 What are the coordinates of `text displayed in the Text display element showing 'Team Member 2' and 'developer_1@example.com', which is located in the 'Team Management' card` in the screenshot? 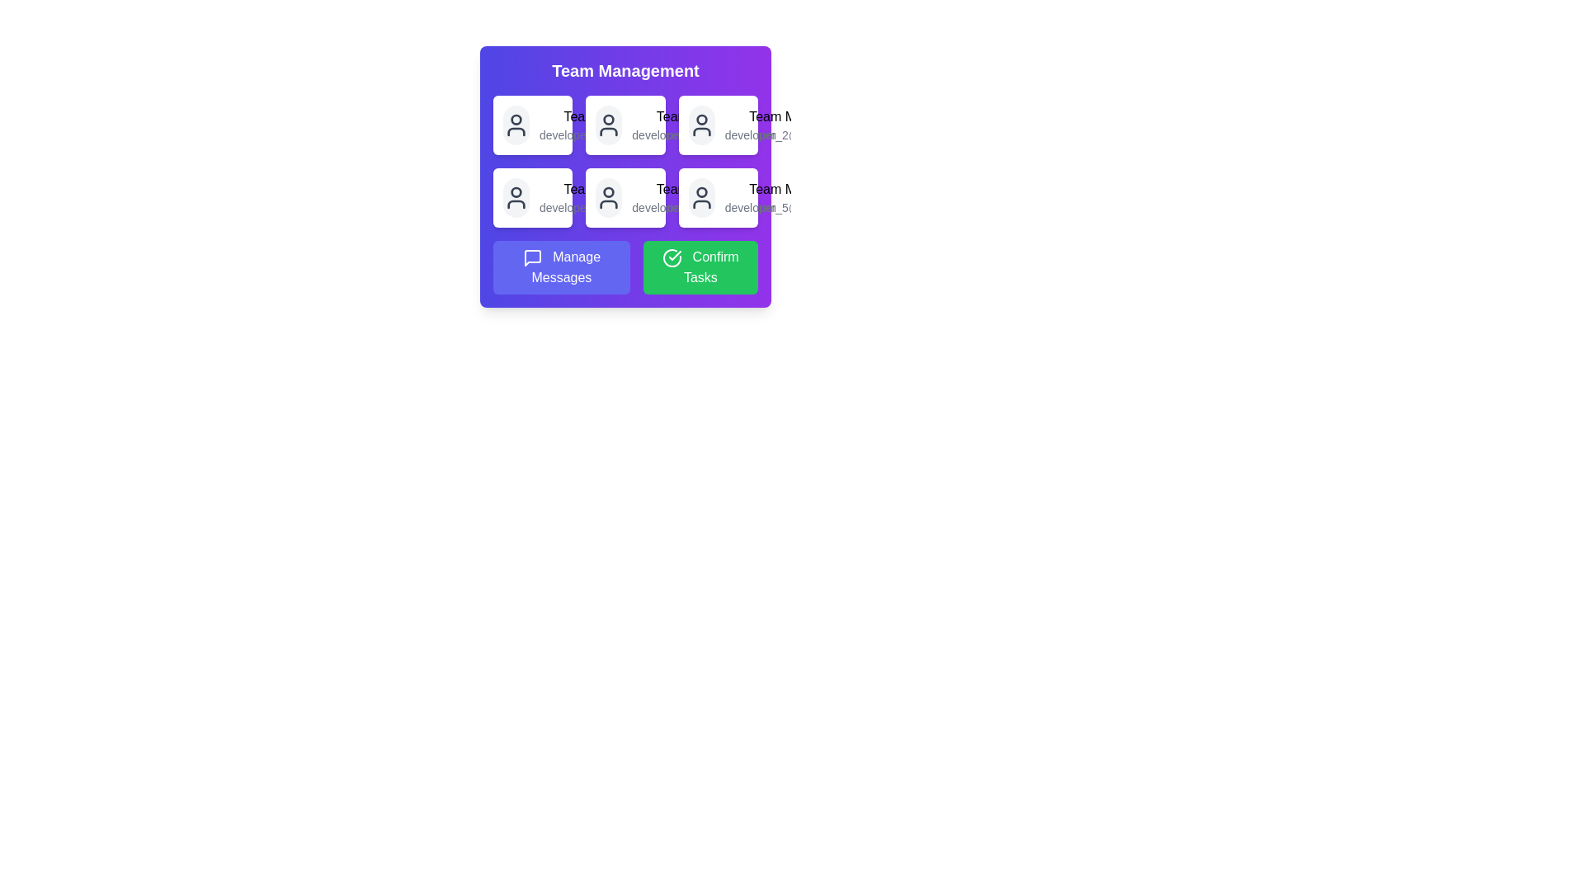 It's located at (704, 124).